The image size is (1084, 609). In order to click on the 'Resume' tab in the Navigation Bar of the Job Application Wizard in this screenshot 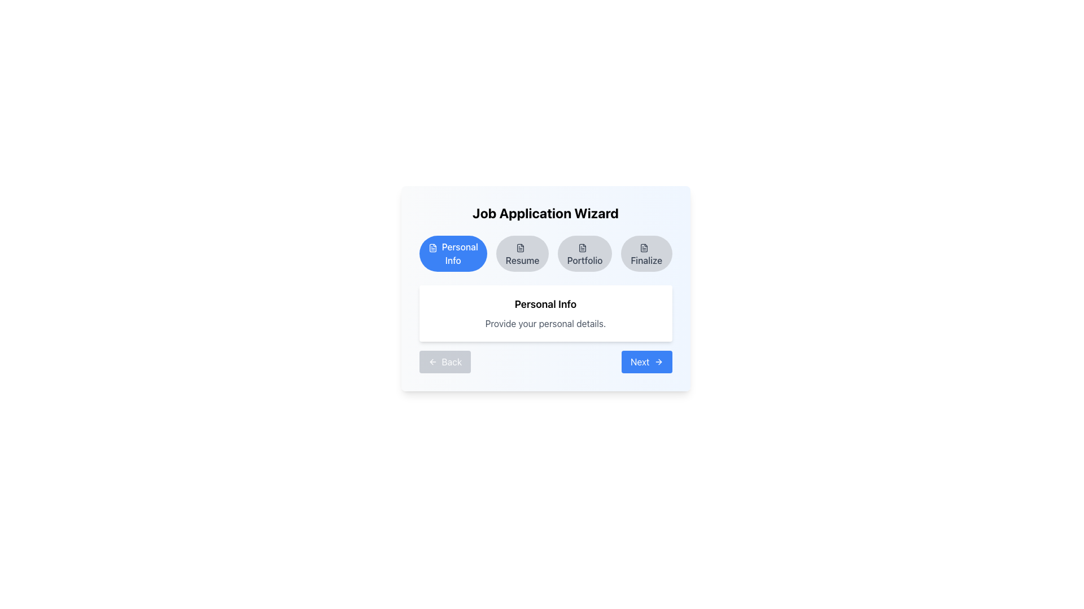, I will do `click(545, 254)`.